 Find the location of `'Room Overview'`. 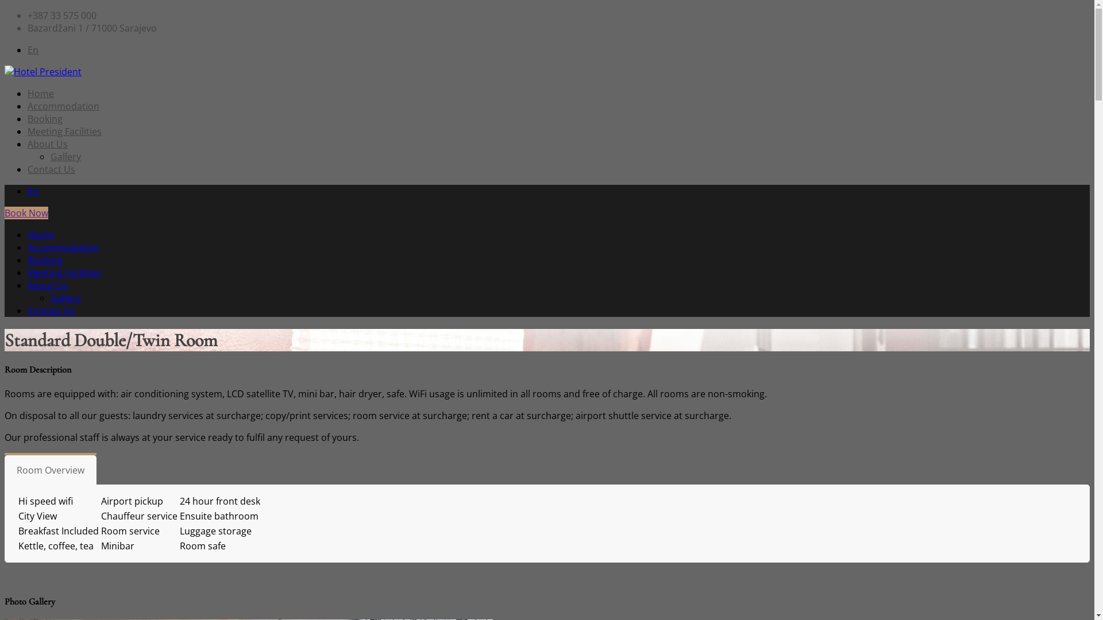

'Room Overview' is located at coordinates (49, 470).